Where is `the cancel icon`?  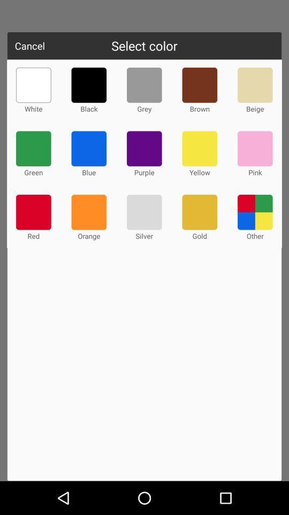
the cancel icon is located at coordinates (29, 46).